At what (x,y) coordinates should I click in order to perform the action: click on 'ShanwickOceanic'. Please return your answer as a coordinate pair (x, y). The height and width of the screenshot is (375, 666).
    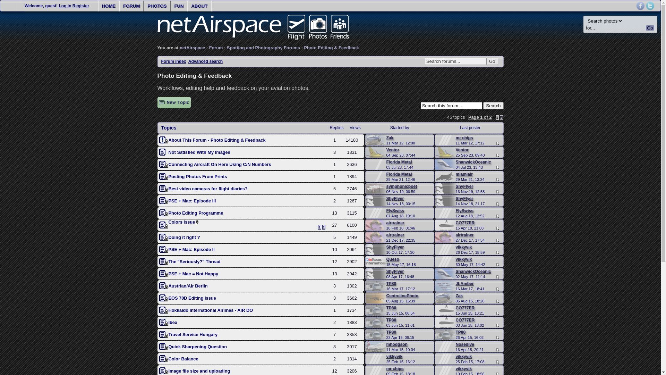
    Looking at the image, I should click on (473, 162).